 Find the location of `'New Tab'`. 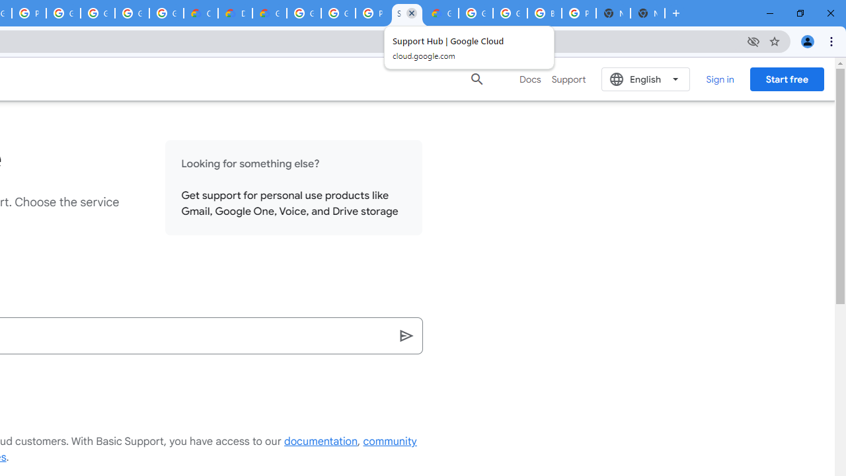

'New Tab' is located at coordinates (647, 13).